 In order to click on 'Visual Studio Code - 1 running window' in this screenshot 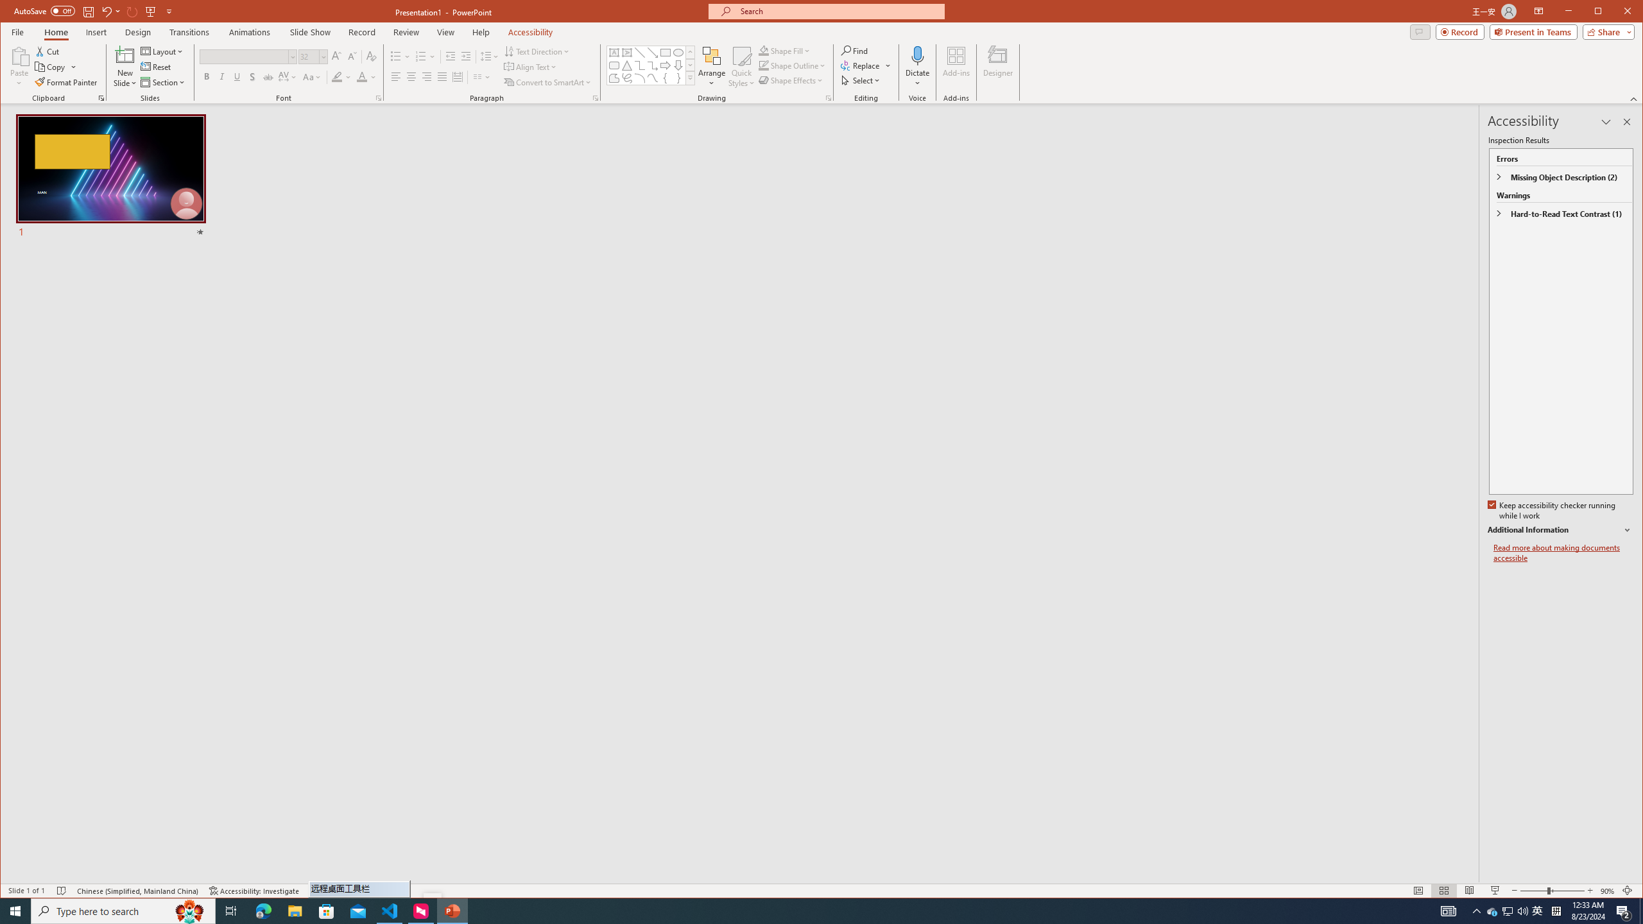, I will do `click(390, 910)`.